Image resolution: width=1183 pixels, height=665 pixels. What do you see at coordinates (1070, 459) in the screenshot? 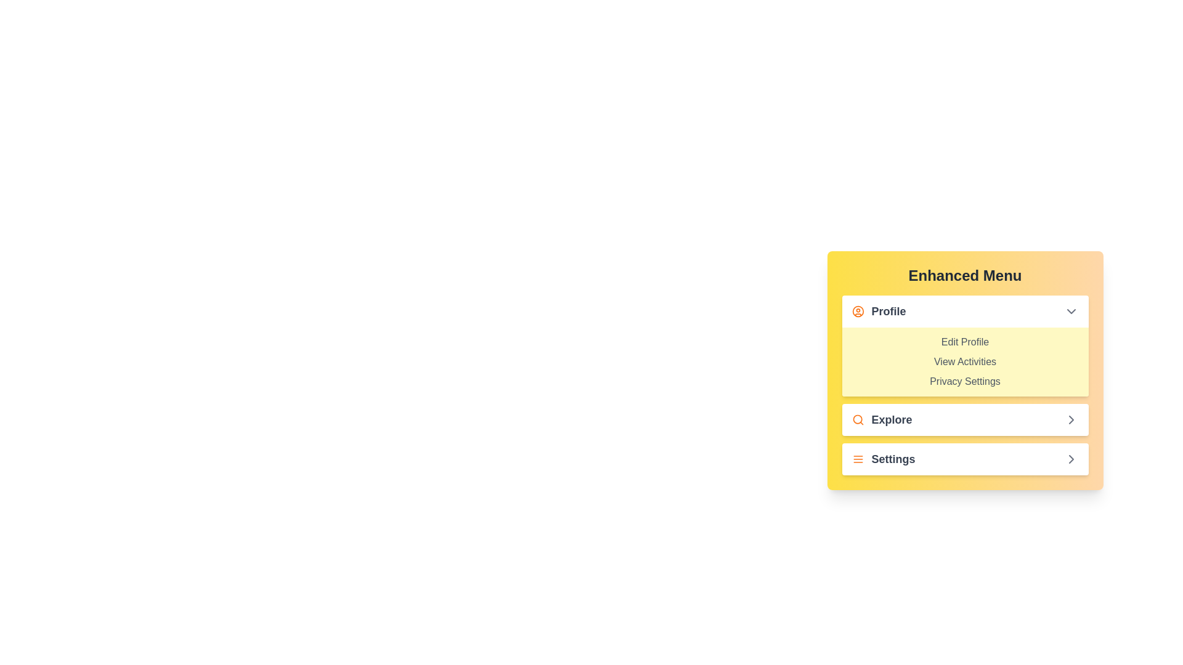
I see `the navigational icon located to the right of the 'Settings' menu entry` at bounding box center [1070, 459].